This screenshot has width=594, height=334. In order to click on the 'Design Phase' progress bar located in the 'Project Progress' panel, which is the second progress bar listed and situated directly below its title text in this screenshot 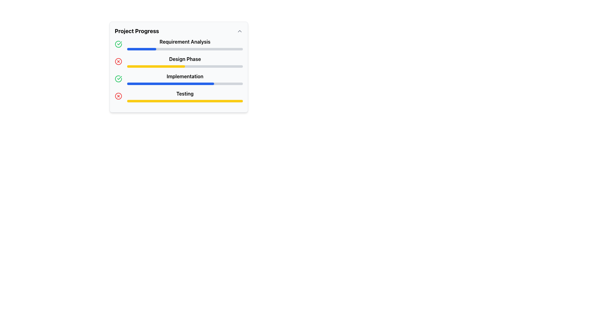, I will do `click(185, 66)`.